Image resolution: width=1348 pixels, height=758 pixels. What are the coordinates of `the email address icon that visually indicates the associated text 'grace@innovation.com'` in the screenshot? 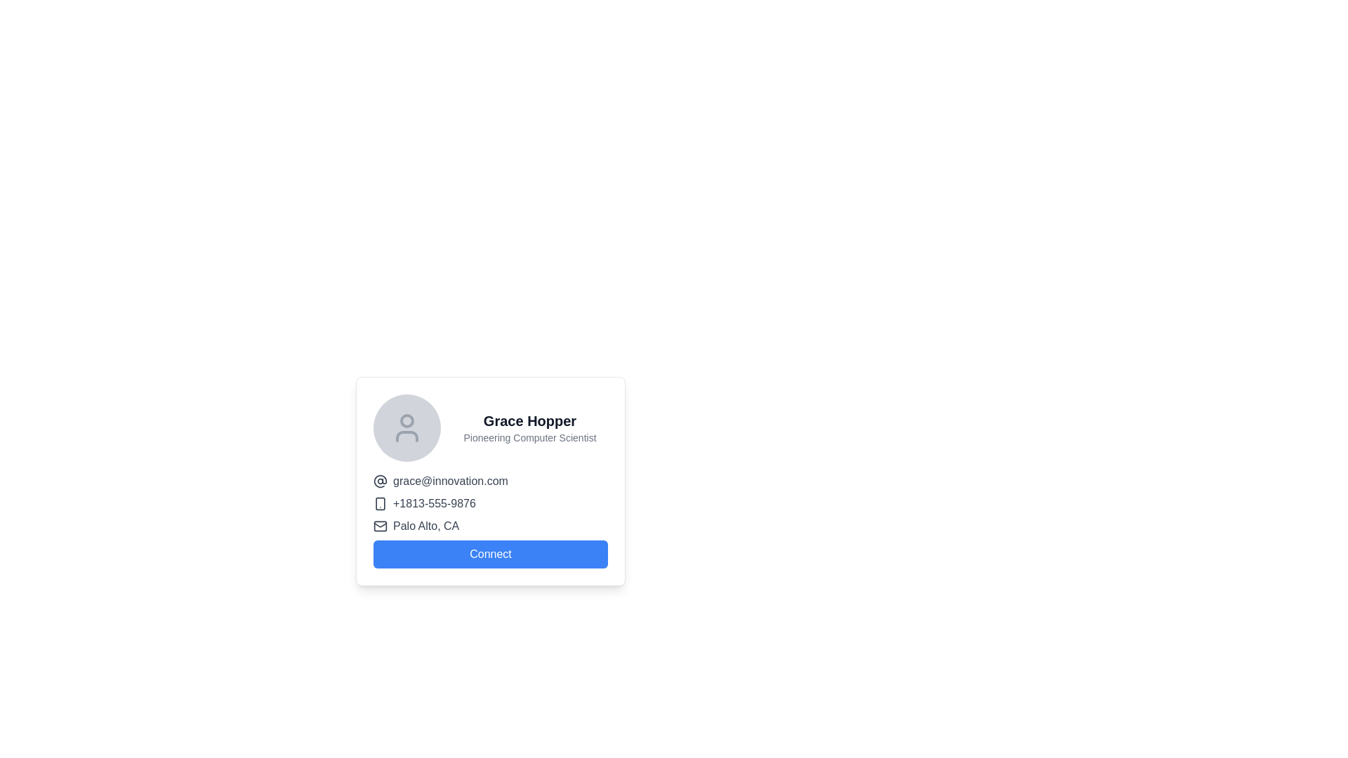 It's located at (381, 481).